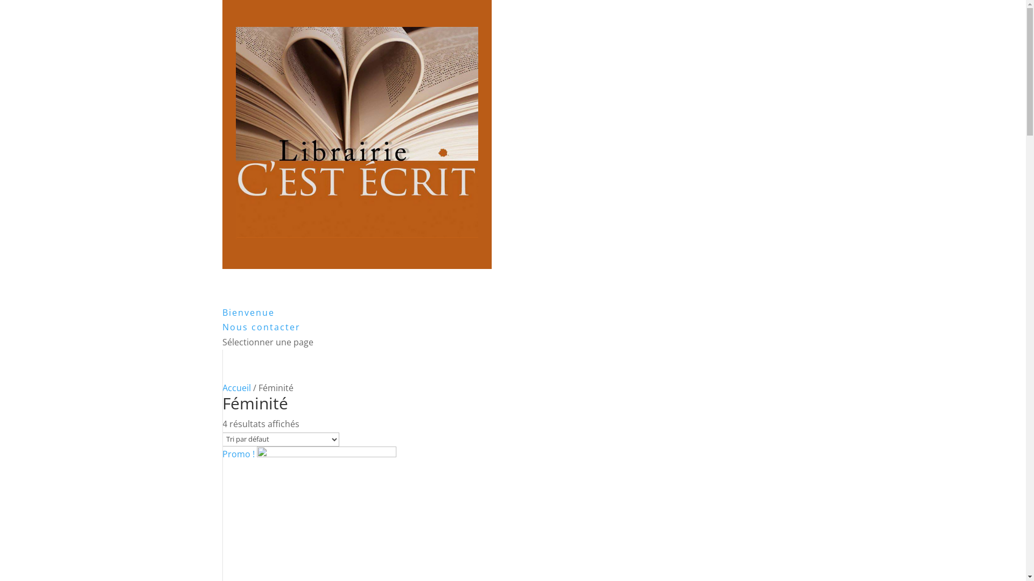 The image size is (1034, 581). What do you see at coordinates (247, 328) in the screenshot?
I see `'Bienvenue'` at bounding box center [247, 328].